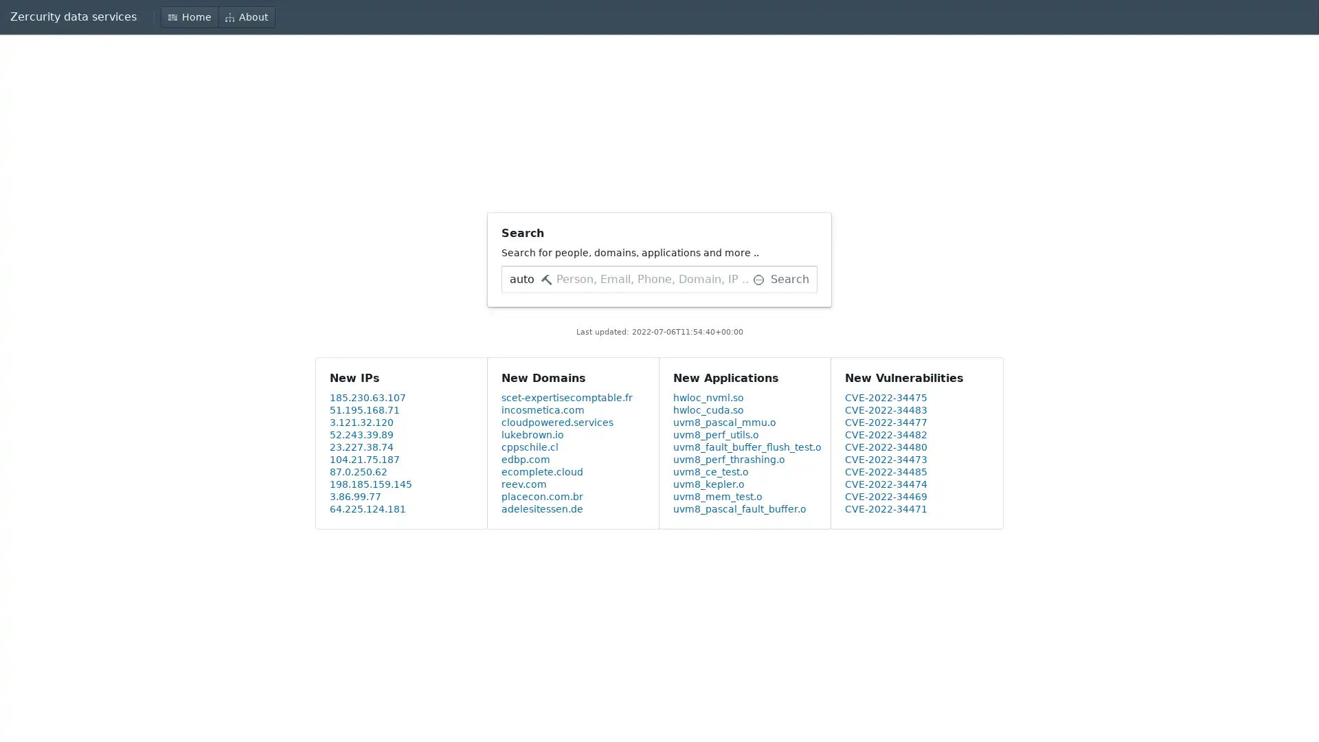 This screenshot has width=1319, height=742. What do you see at coordinates (247, 16) in the screenshot?
I see `About` at bounding box center [247, 16].